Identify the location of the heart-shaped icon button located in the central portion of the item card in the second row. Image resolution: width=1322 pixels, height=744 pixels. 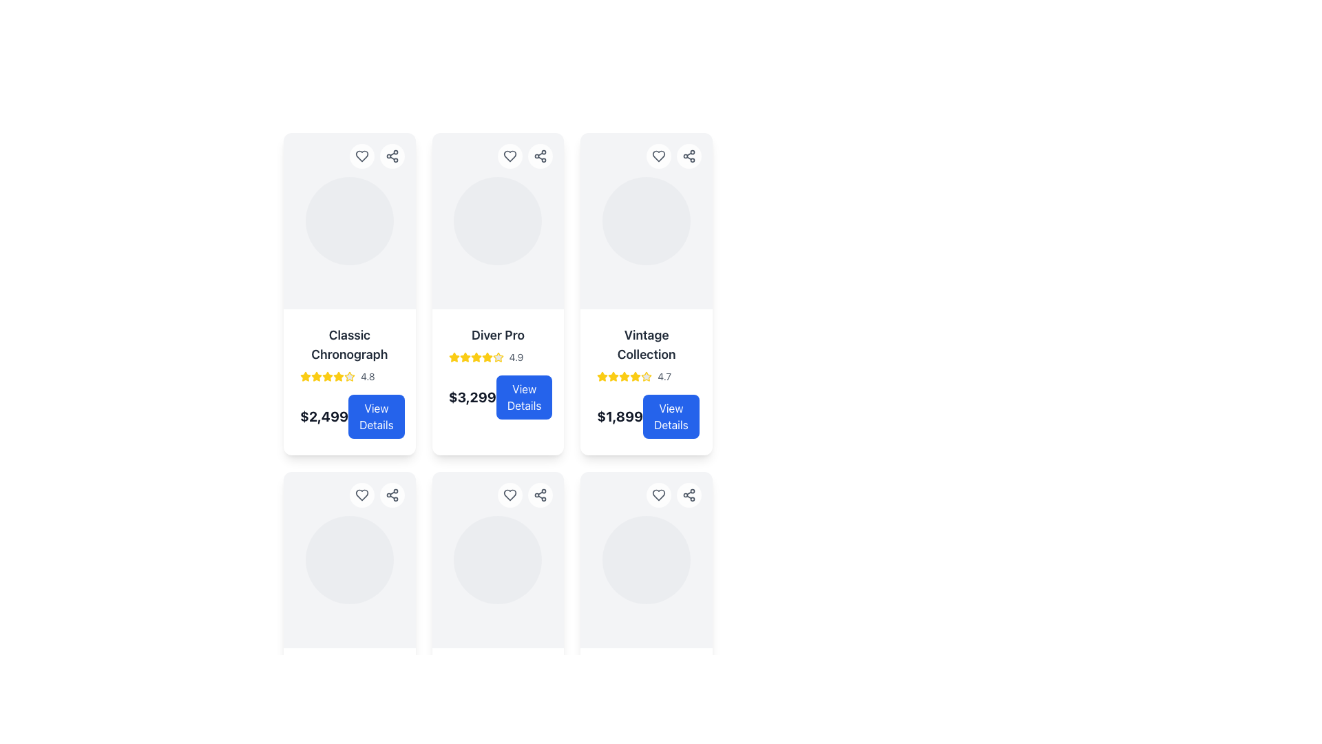
(361, 494).